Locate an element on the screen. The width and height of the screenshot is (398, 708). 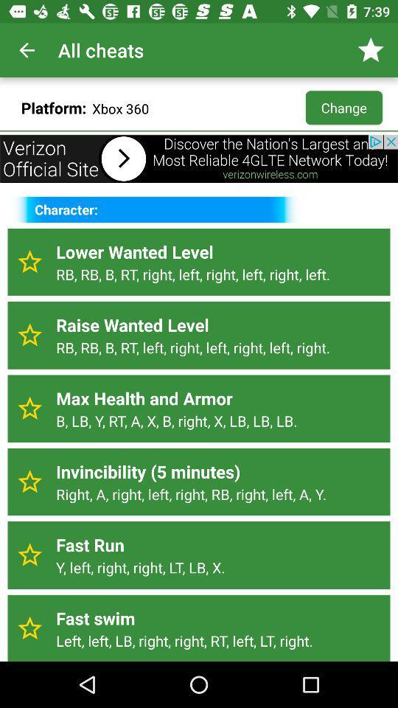
the official website is located at coordinates (199, 159).